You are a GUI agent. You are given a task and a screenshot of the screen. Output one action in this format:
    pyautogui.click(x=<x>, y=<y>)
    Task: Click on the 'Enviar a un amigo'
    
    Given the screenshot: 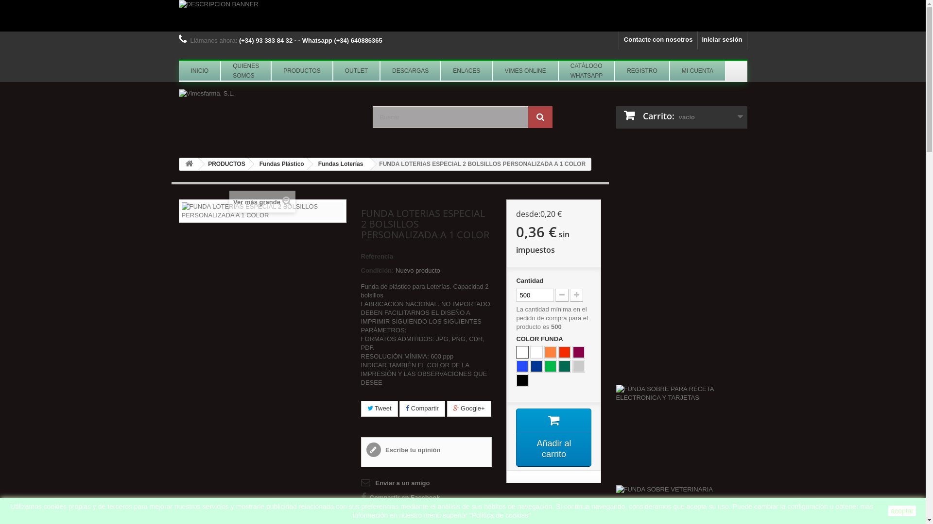 What is the action you would take?
    pyautogui.click(x=395, y=483)
    